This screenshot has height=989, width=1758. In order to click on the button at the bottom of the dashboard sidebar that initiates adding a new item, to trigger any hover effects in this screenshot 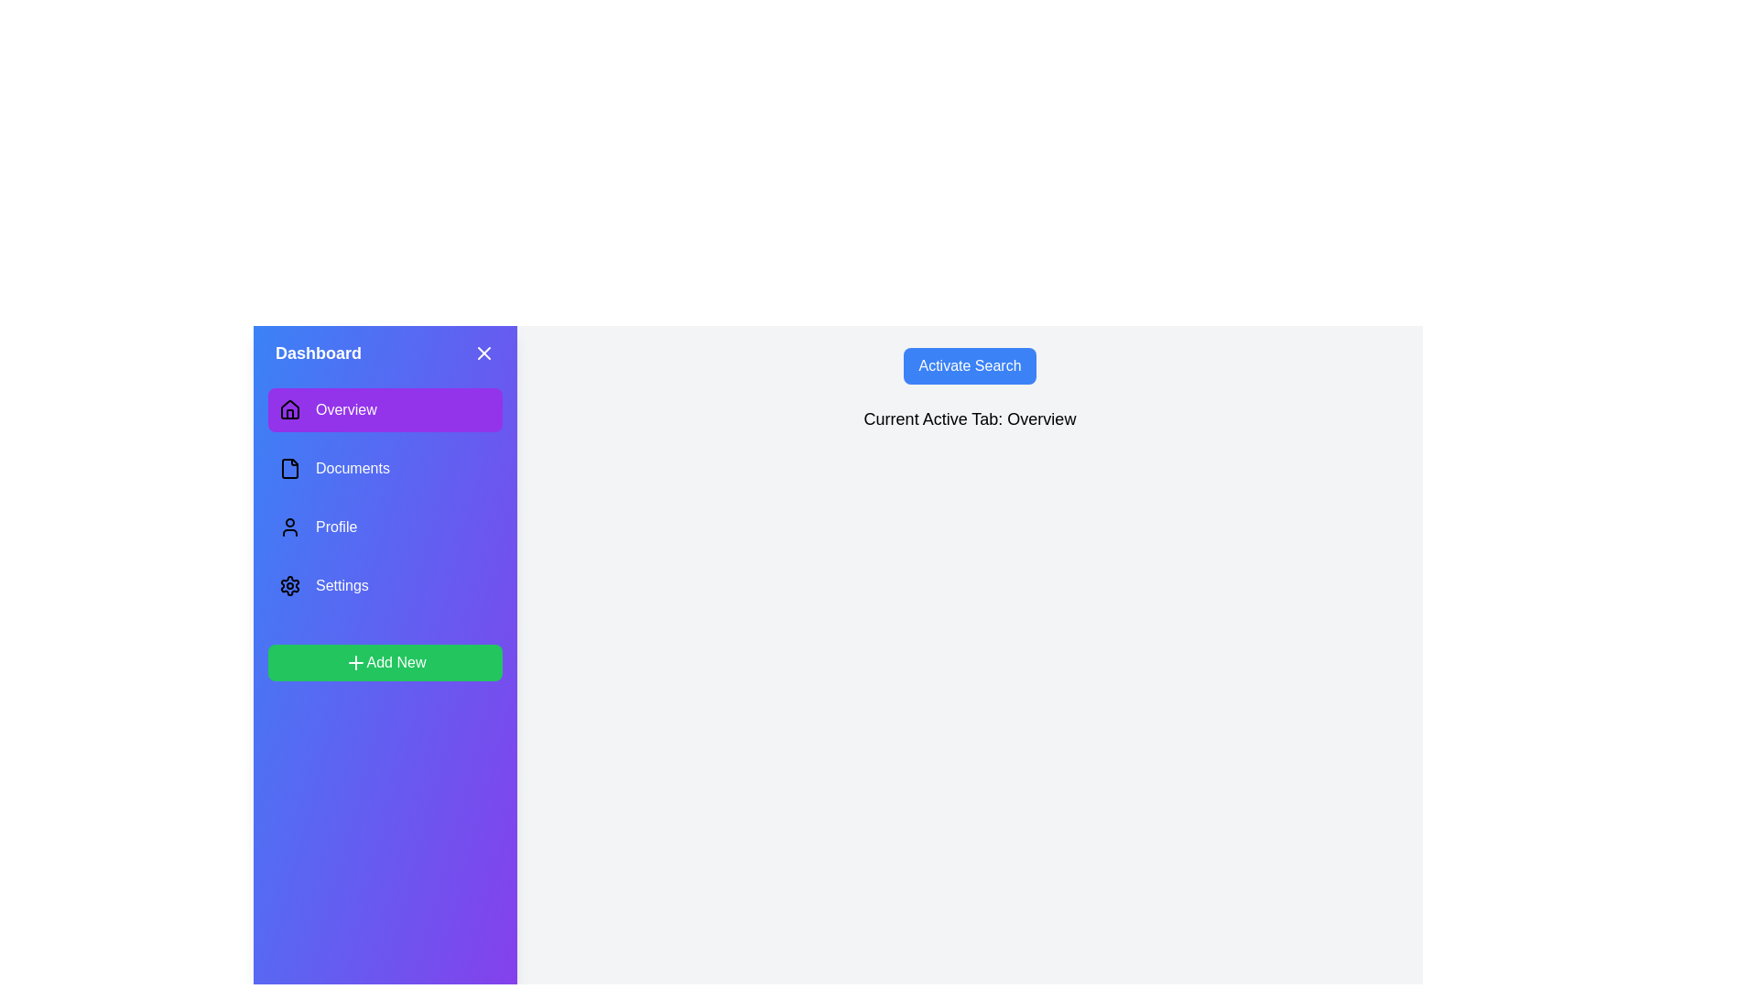, I will do `click(385, 663)`.